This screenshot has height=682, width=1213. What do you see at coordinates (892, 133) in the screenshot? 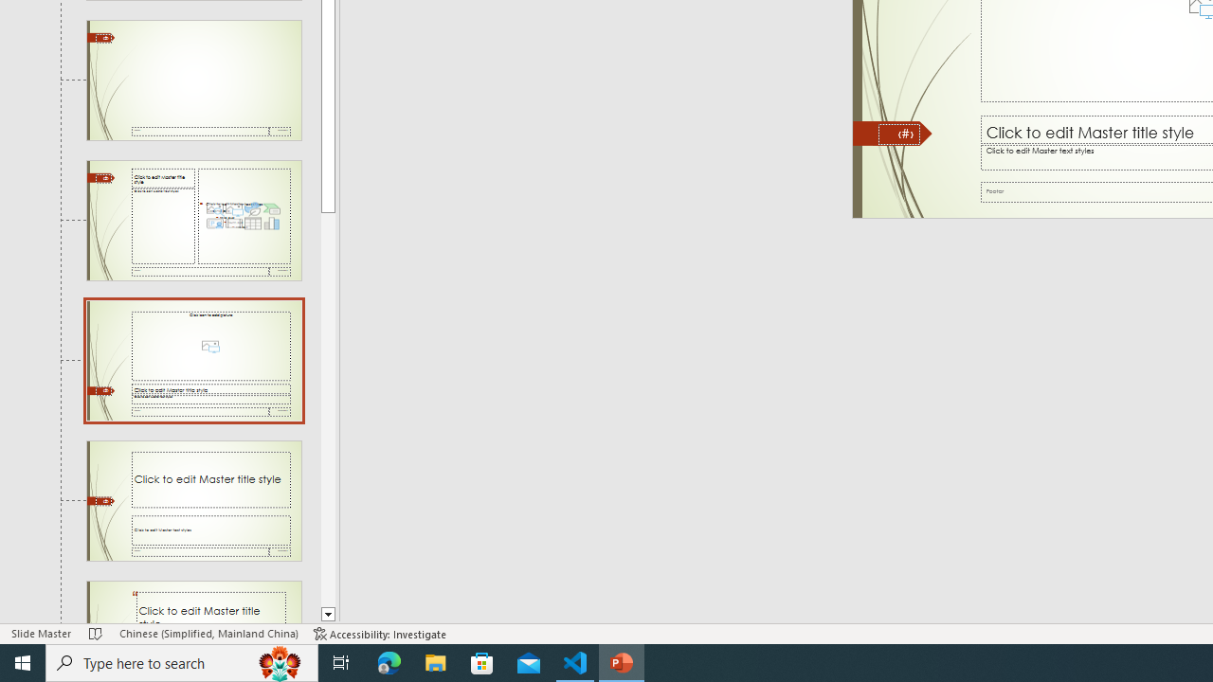
I see `'Freeform 11'` at bounding box center [892, 133].